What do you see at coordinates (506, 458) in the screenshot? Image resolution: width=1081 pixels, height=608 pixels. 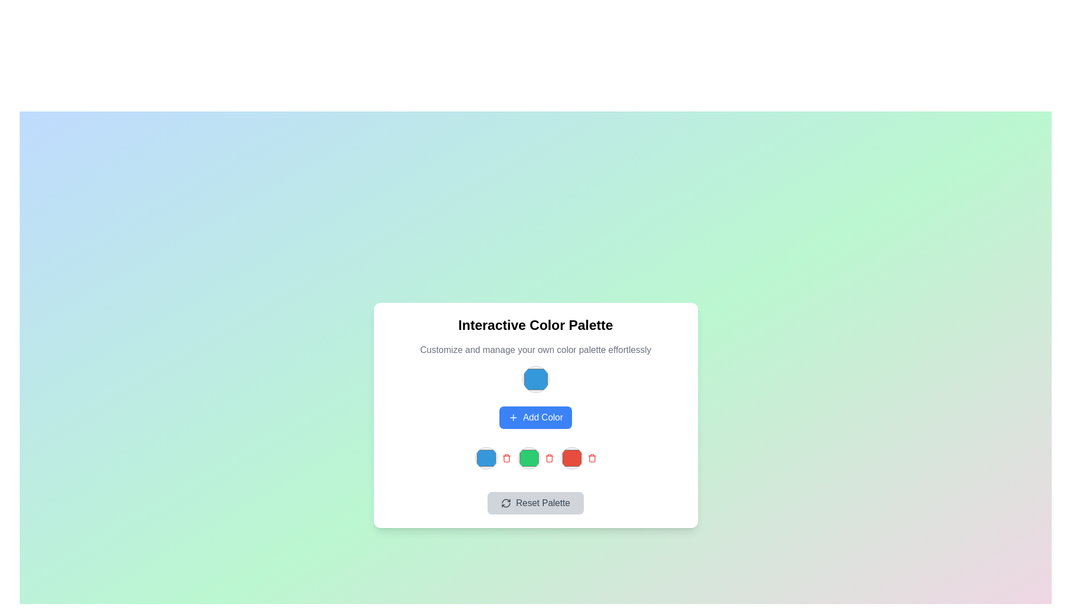 I see `the delete icon button, which is the last element on the right in the row of trash bin icons below the 'Add Color' button` at bounding box center [506, 458].